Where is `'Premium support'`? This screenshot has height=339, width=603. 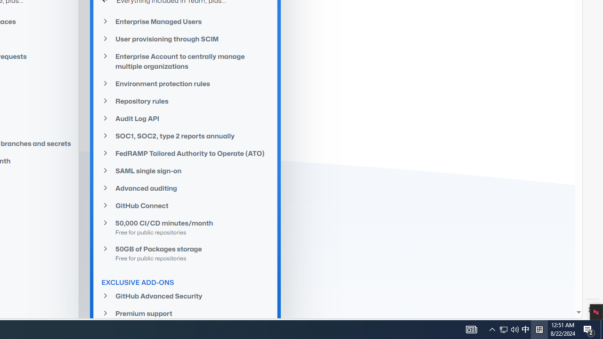 'Premium support' is located at coordinates (186, 313).